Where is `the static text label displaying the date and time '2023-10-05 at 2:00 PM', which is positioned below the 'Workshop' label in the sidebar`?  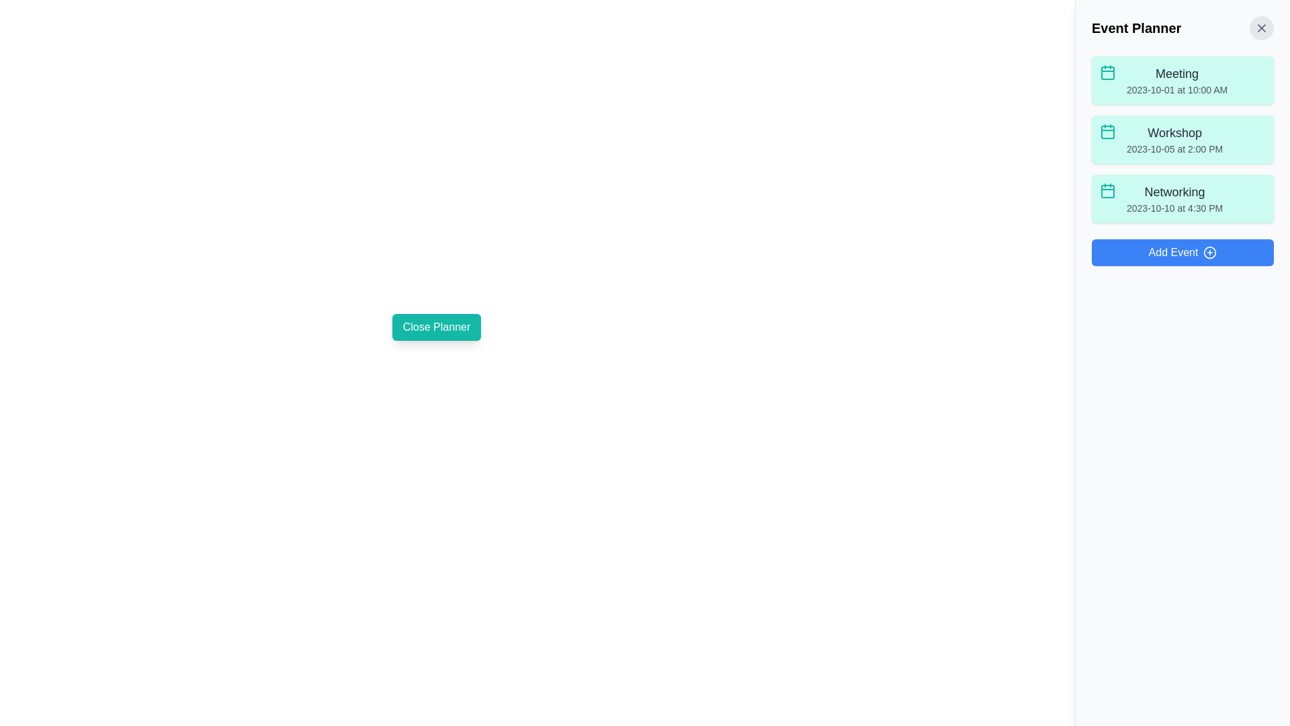
the static text label displaying the date and time '2023-10-05 at 2:00 PM', which is positioned below the 'Workshop' label in the sidebar is located at coordinates (1174, 149).